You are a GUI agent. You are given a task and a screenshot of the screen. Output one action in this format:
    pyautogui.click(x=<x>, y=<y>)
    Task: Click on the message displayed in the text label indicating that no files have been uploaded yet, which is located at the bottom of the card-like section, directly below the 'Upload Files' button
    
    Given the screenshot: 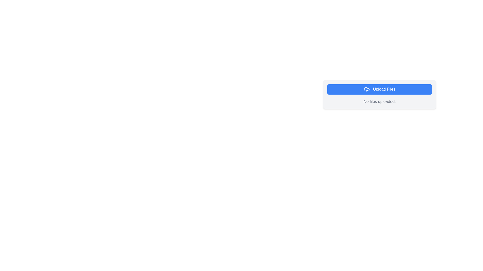 What is the action you would take?
    pyautogui.click(x=379, y=101)
    